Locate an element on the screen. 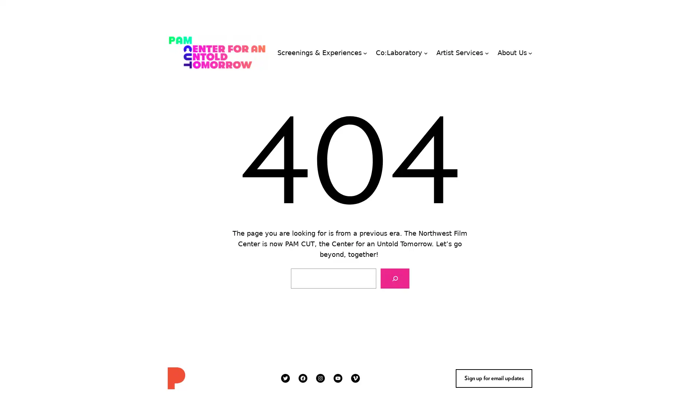  Co:Laboratory submenu is located at coordinates (425, 52).